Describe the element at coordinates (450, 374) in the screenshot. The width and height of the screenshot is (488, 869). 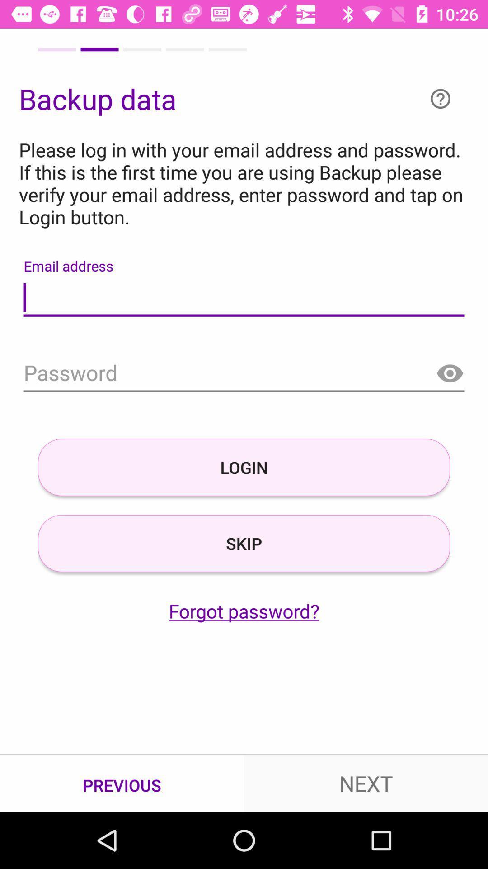
I see `show password` at that location.